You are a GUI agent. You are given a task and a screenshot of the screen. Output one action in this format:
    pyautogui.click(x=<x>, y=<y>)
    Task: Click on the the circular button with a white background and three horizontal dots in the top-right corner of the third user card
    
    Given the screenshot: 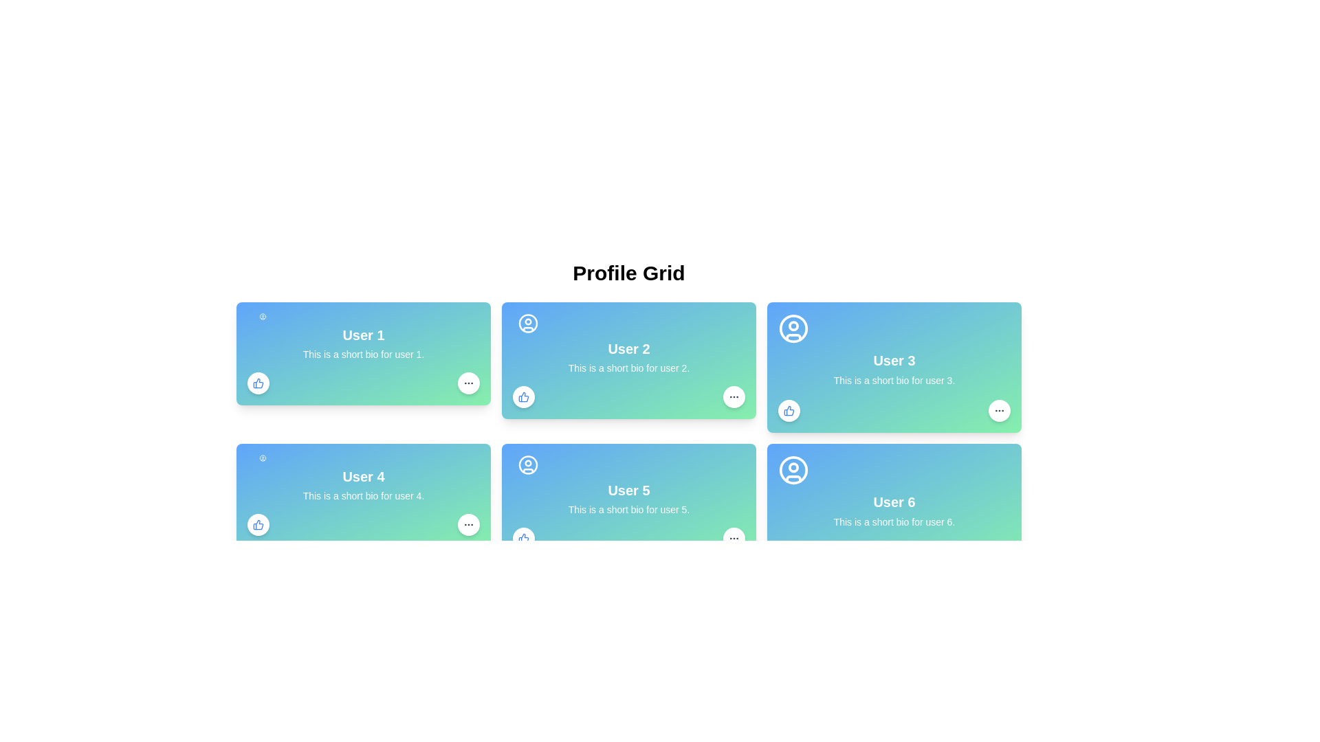 What is the action you would take?
    pyautogui.click(x=1000, y=409)
    